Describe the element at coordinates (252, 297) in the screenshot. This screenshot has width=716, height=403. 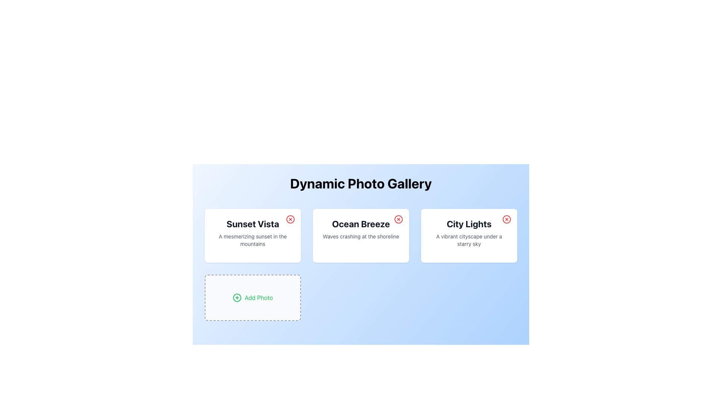
I see `the 'Add Photo' button located in the bottom-left of the gallery layout, which has a gray background, a green plus icon, and the text 'Add Photo' in green` at that location.